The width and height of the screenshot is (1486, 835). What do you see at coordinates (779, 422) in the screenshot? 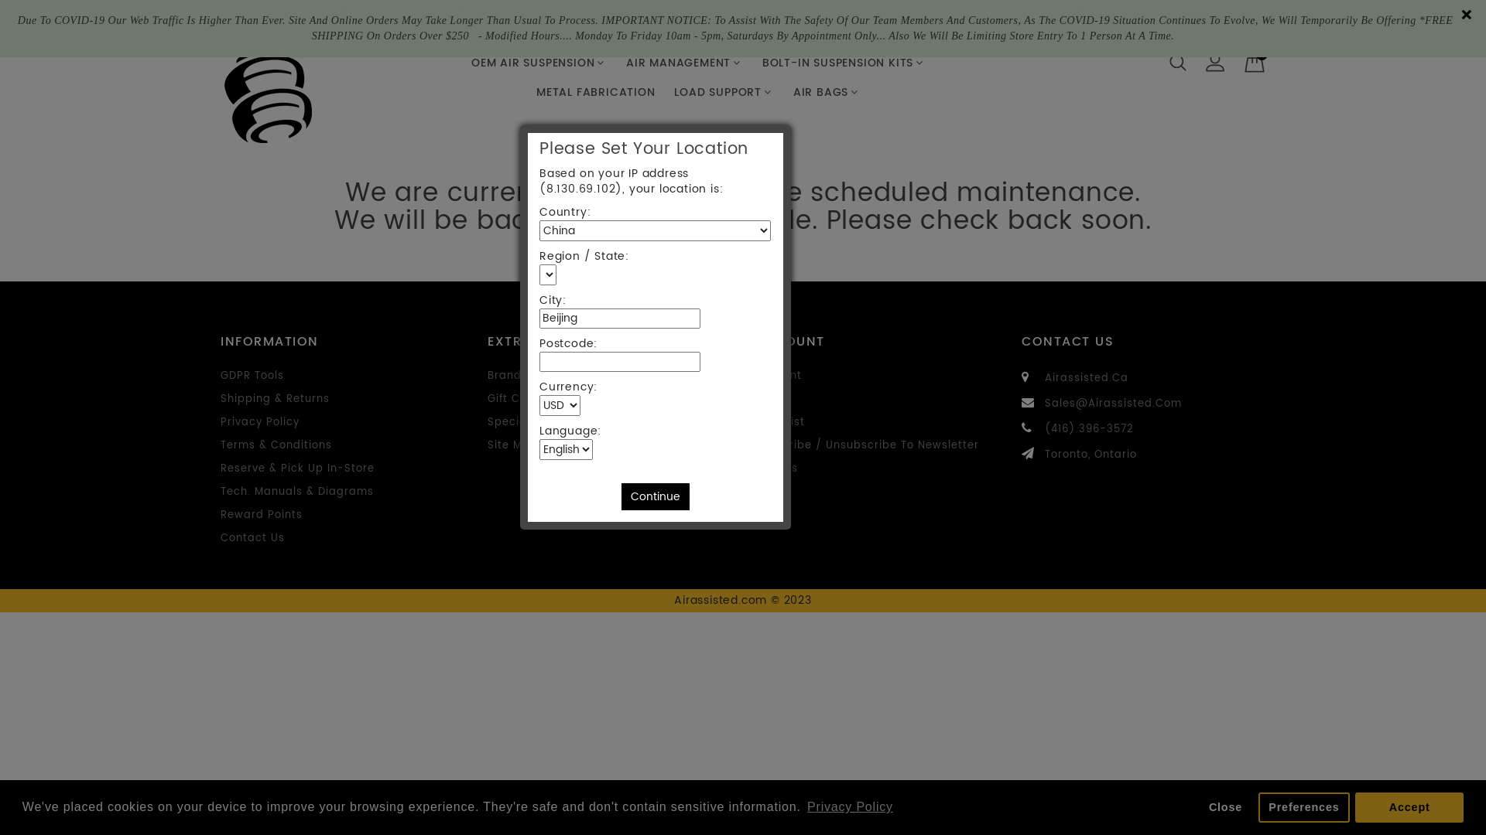
I see `'Wish List'` at bounding box center [779, 422].